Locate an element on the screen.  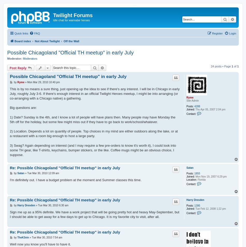
'Register' is located at coordinates (217, 33).